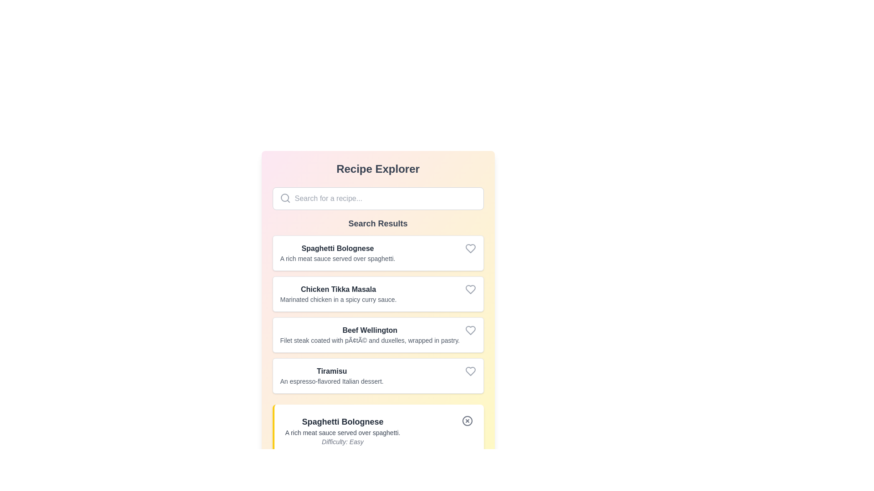 The image size is (874, 491). Describe the element at coordinates (470, 249) in the screenshot. I see `the heart-shaped icon outlined in grey, positioned to the right of the 'Spaghetti Bolognese' entry in the search results section` at that location.